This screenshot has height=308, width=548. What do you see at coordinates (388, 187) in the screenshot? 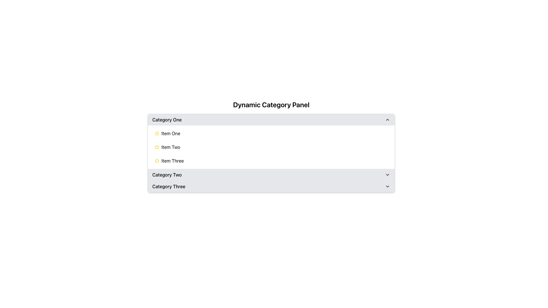
I see `the chevron icon located to the right of the 'Category Three' label` at bounding box center [388, 187].